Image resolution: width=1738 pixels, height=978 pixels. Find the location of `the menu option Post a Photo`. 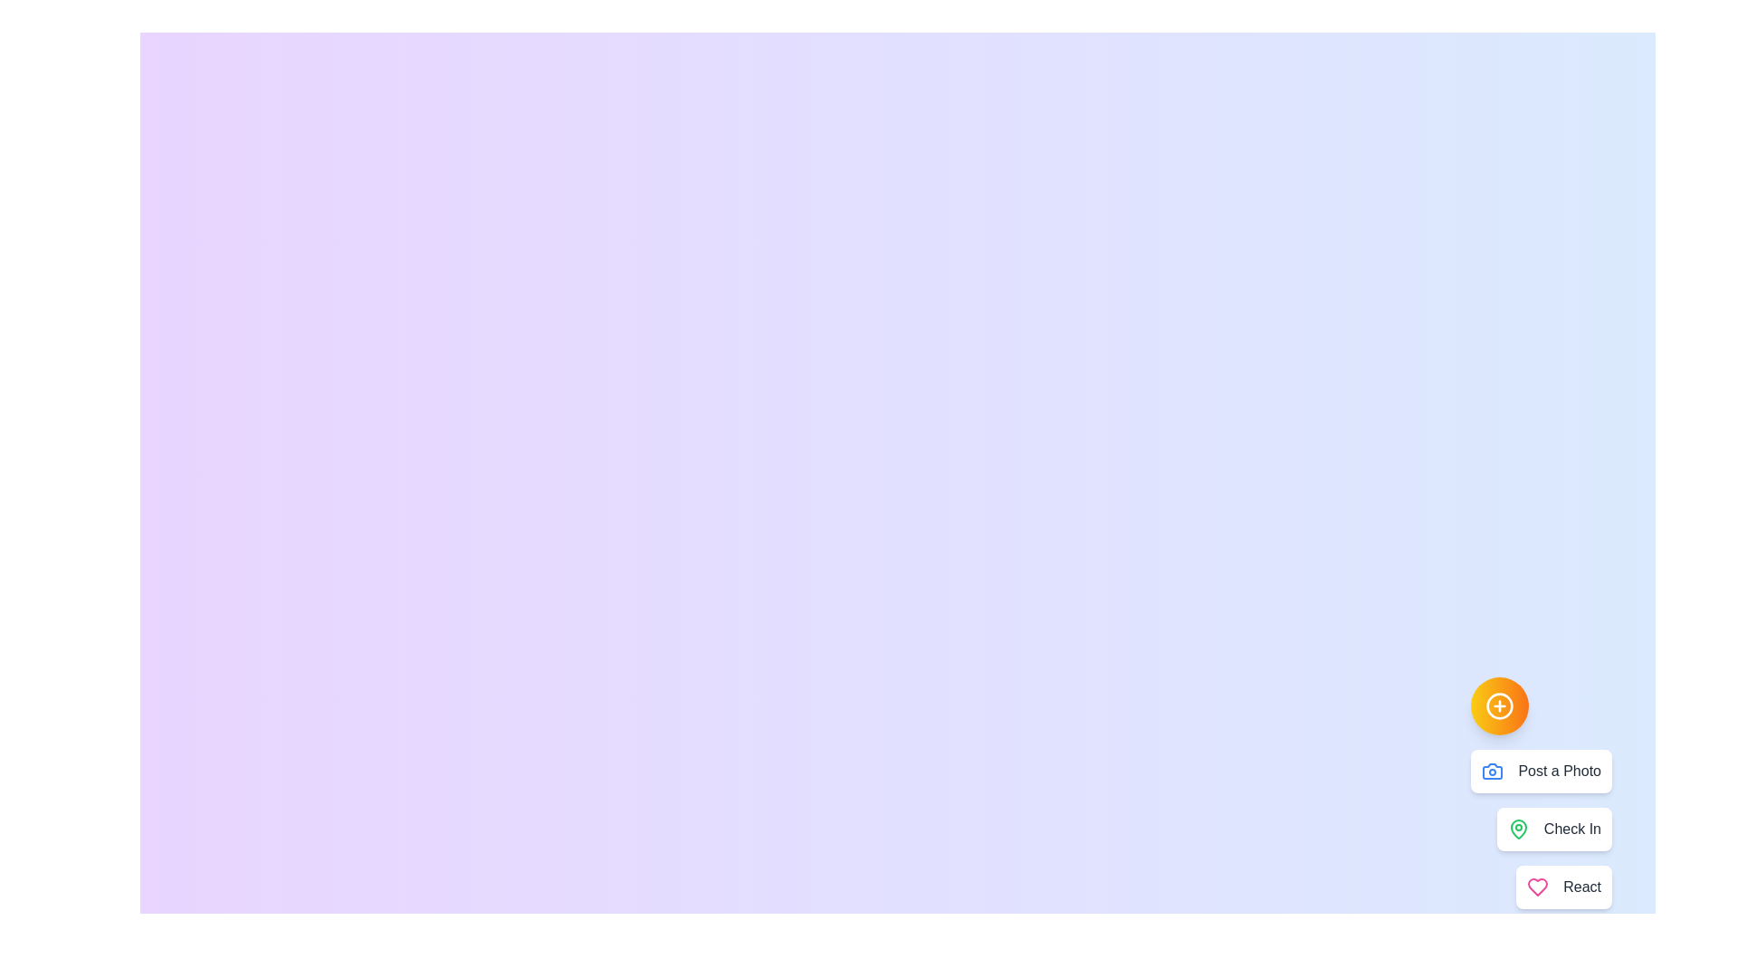

the menu option Post a Photo is located at coordinates (1541, 772).